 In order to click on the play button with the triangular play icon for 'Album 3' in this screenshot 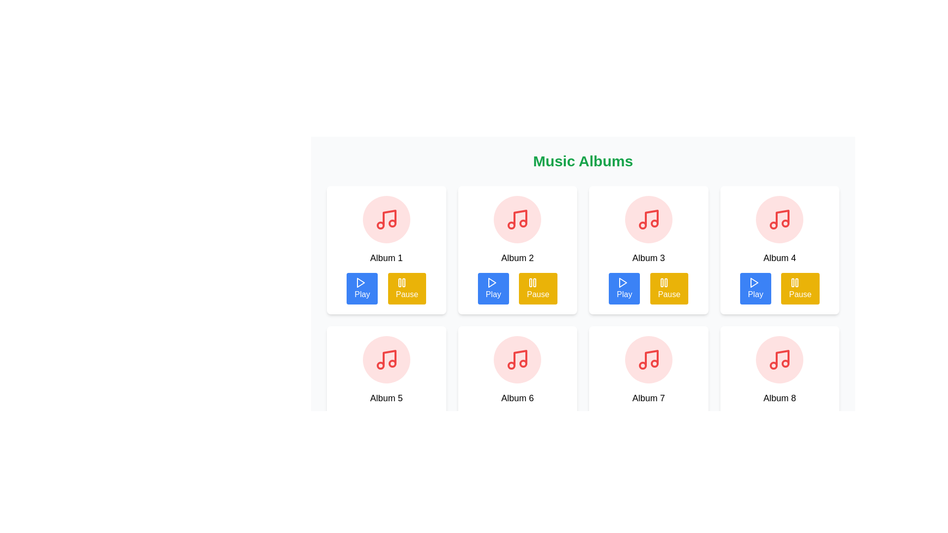, I will do `click(623, 283)`.